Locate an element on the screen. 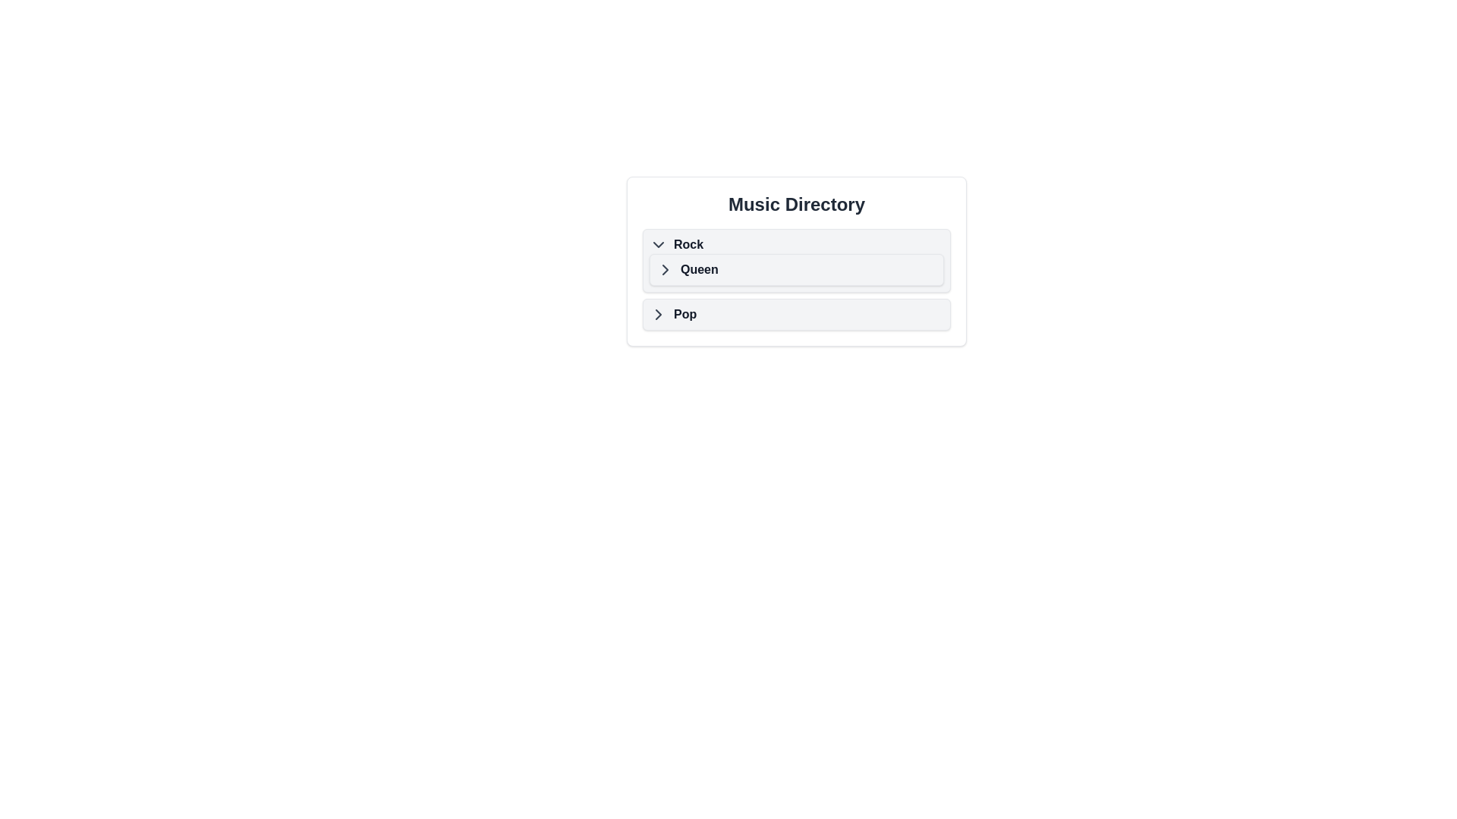  the selectable list item positioned below 'Rock' and 'Queen' is located at coordinates (796, 314).